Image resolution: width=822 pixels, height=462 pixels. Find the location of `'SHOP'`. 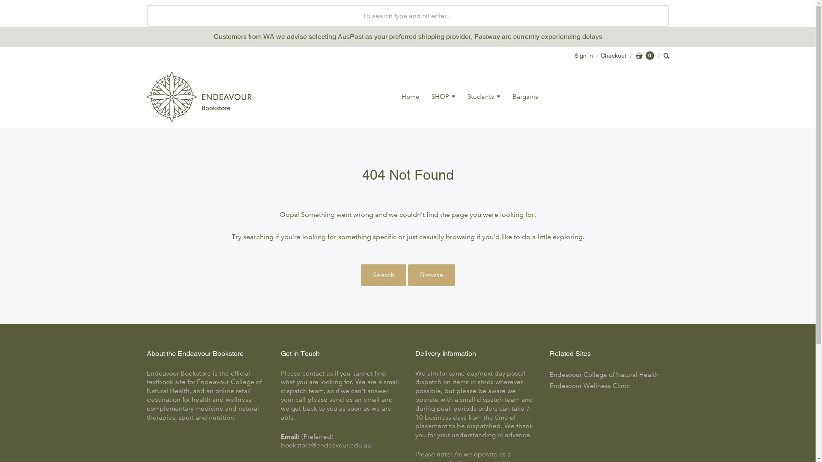

'SHOP' is located at coordinates (444, 96).